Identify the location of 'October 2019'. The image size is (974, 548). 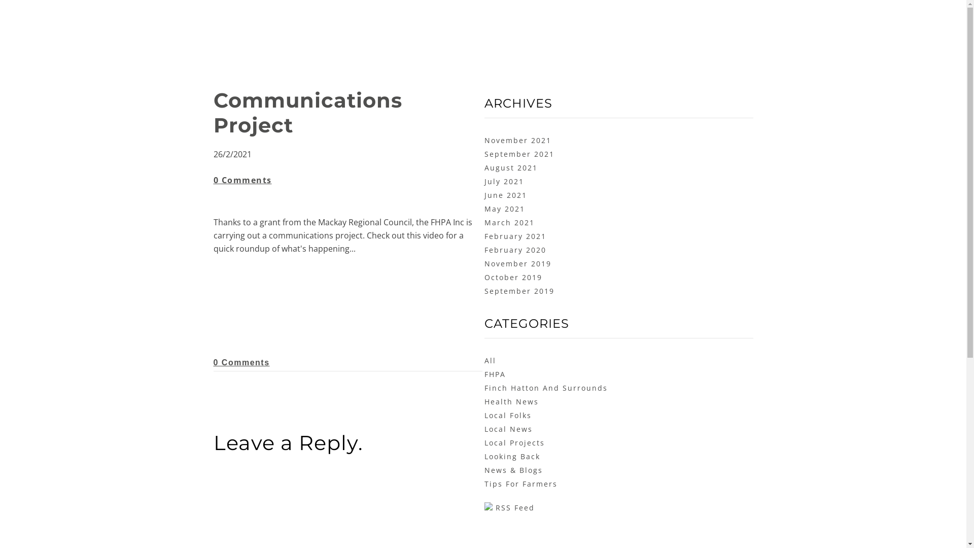
(513, 277).